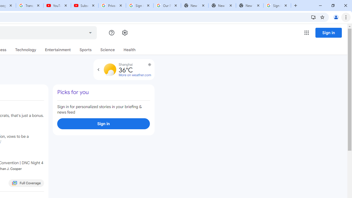  Describe the element at coordinates (85, 50) in the screenshot. I see `'Sports'` at that location.